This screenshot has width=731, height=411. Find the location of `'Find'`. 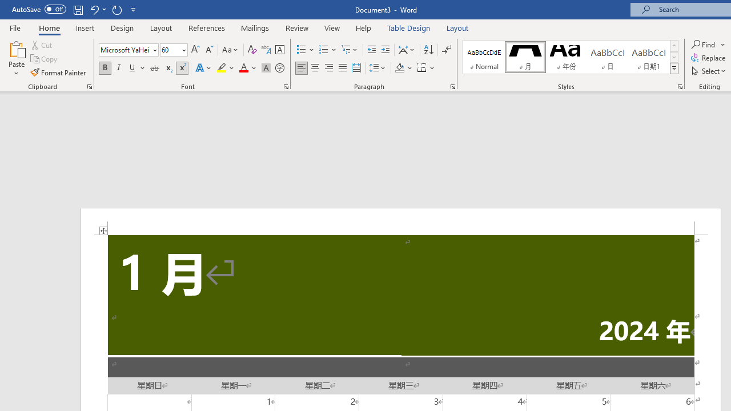

'Find' is located at coordinates (708, 44).